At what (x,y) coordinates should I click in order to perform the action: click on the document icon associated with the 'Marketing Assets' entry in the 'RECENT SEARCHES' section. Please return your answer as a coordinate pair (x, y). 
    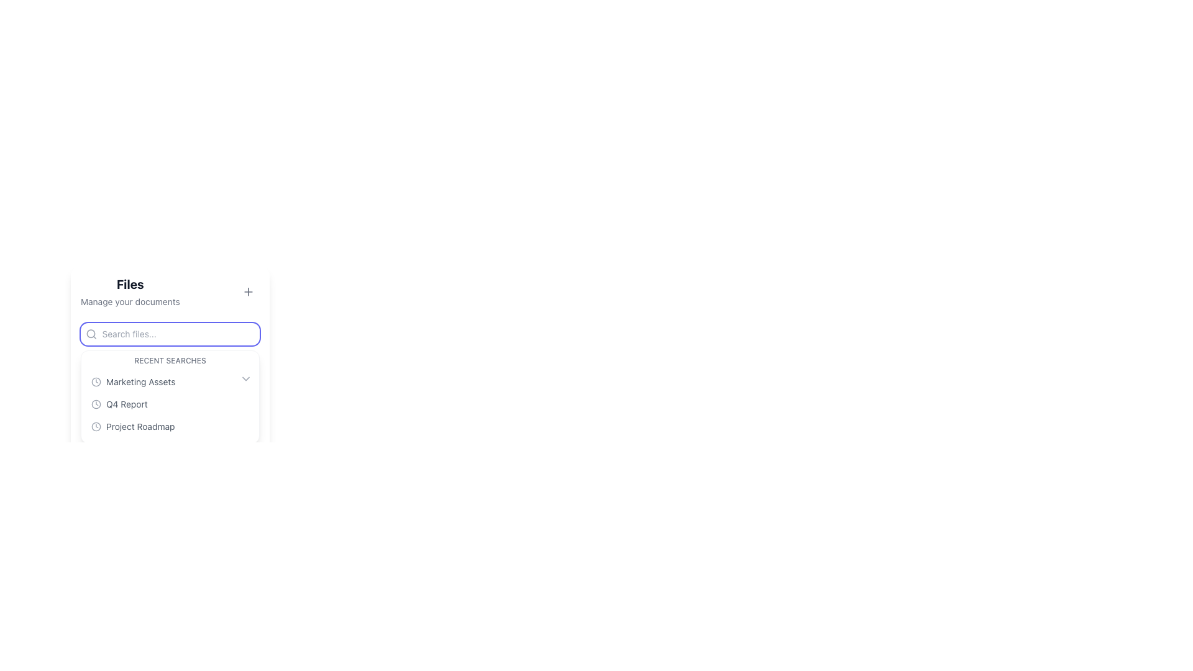
    Looking at the image, I should click on (98, 378).